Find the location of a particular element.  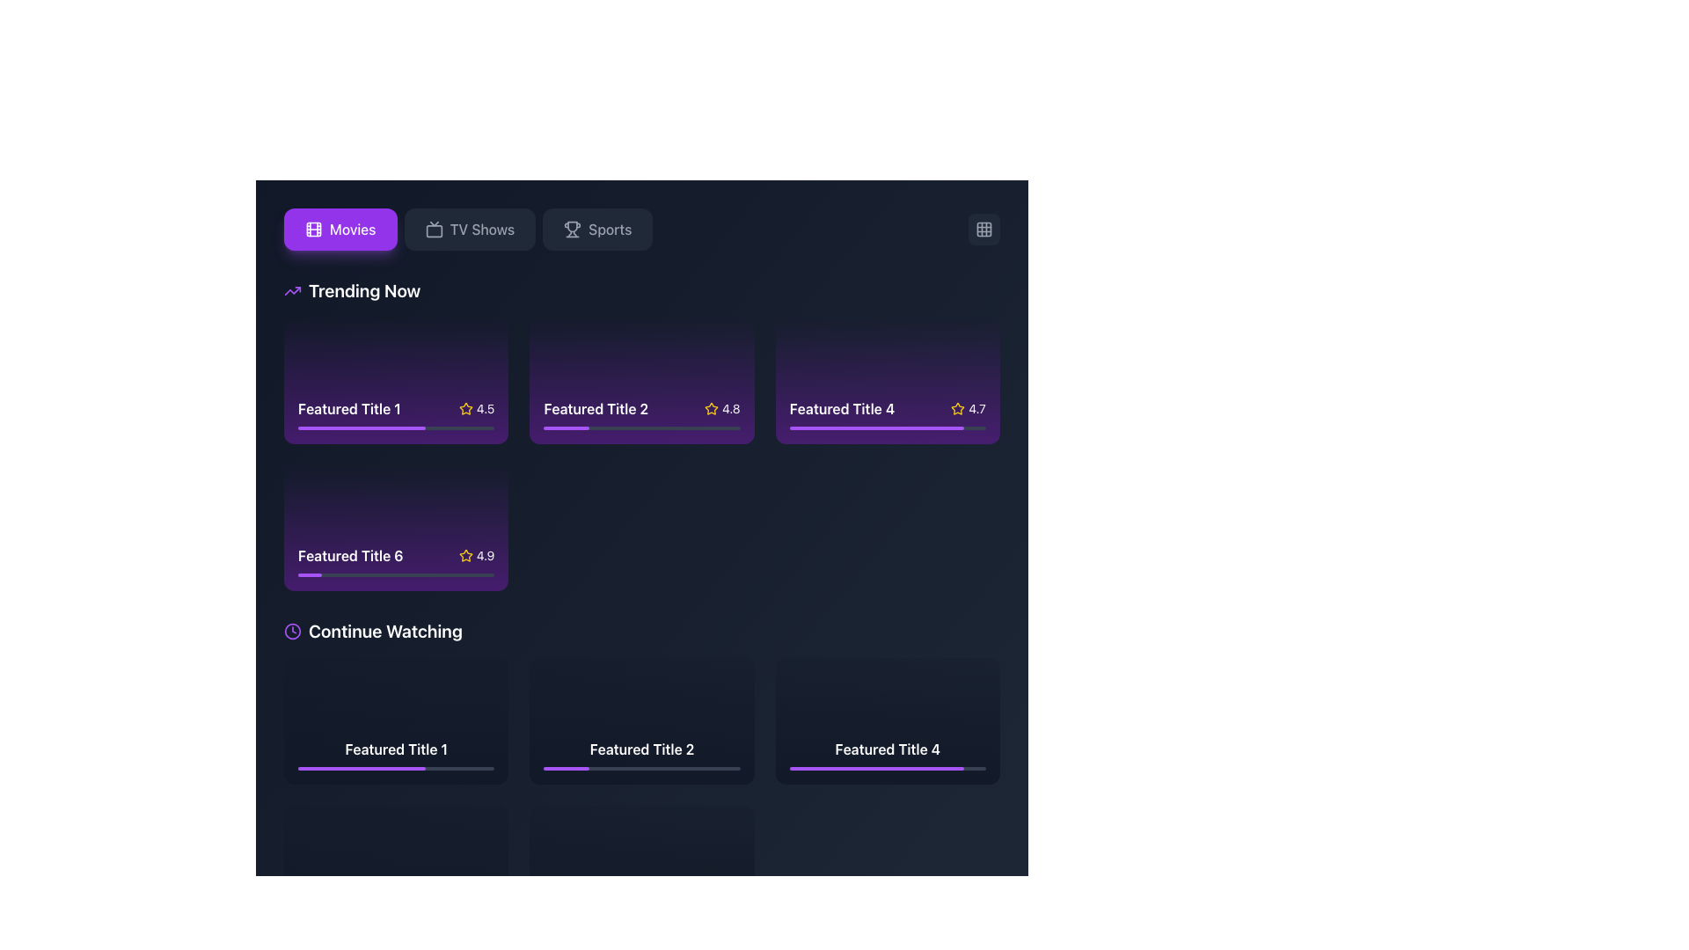

the purple progress segment of the progress indicator located below 'Featured Title 6', indicating 12% progress within the gray background bar is located at coordinates (310, 575).